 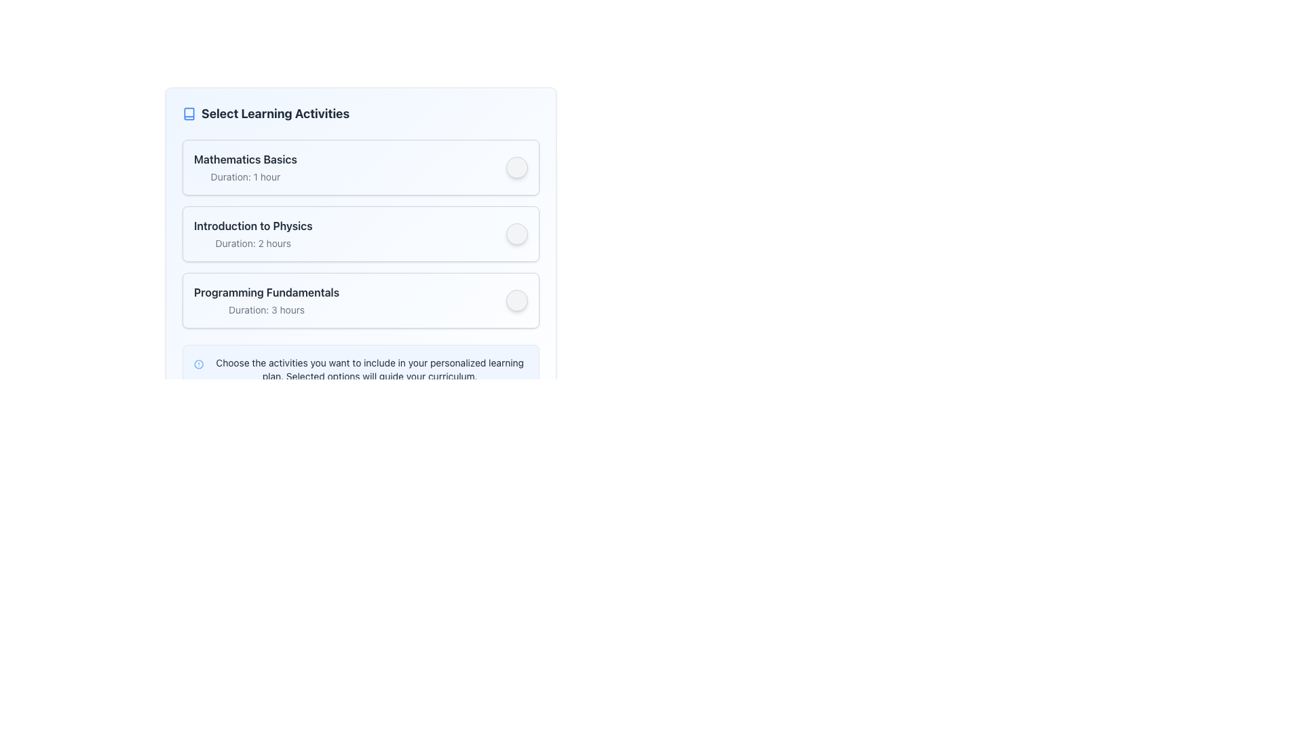 I want to click on informative content from the informational text block contained within a rounded border, light-blue background, positioned below the selectable cards, so click(x=370, y=369).